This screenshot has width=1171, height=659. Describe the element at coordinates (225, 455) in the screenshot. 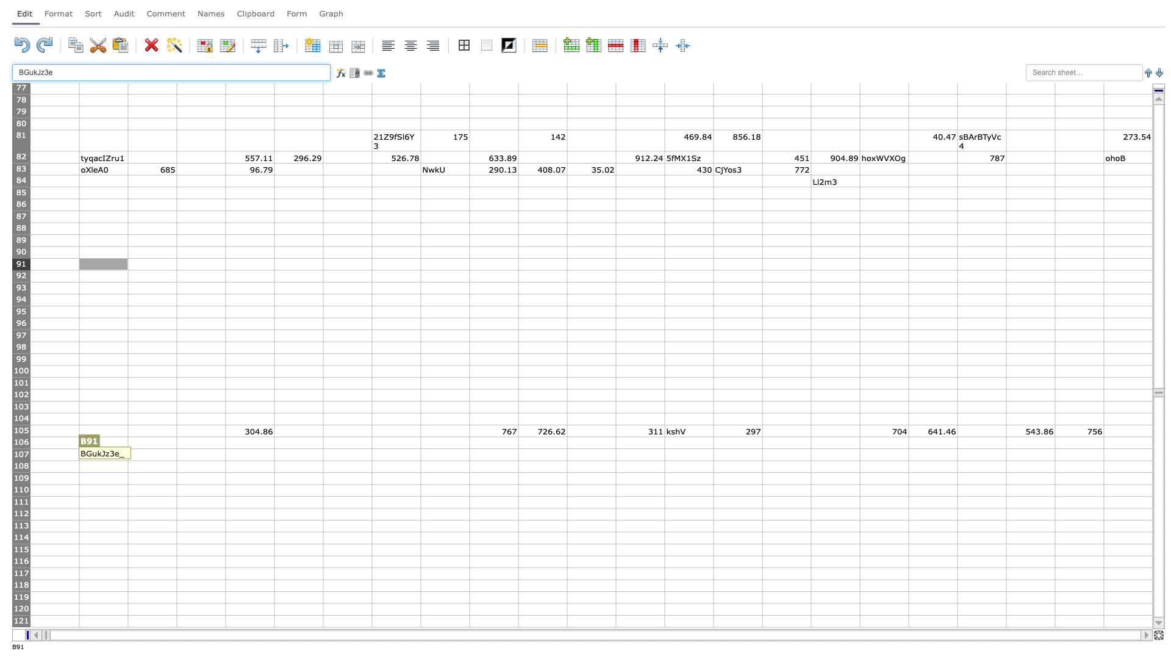

I see `Right margin of D107` at that location.